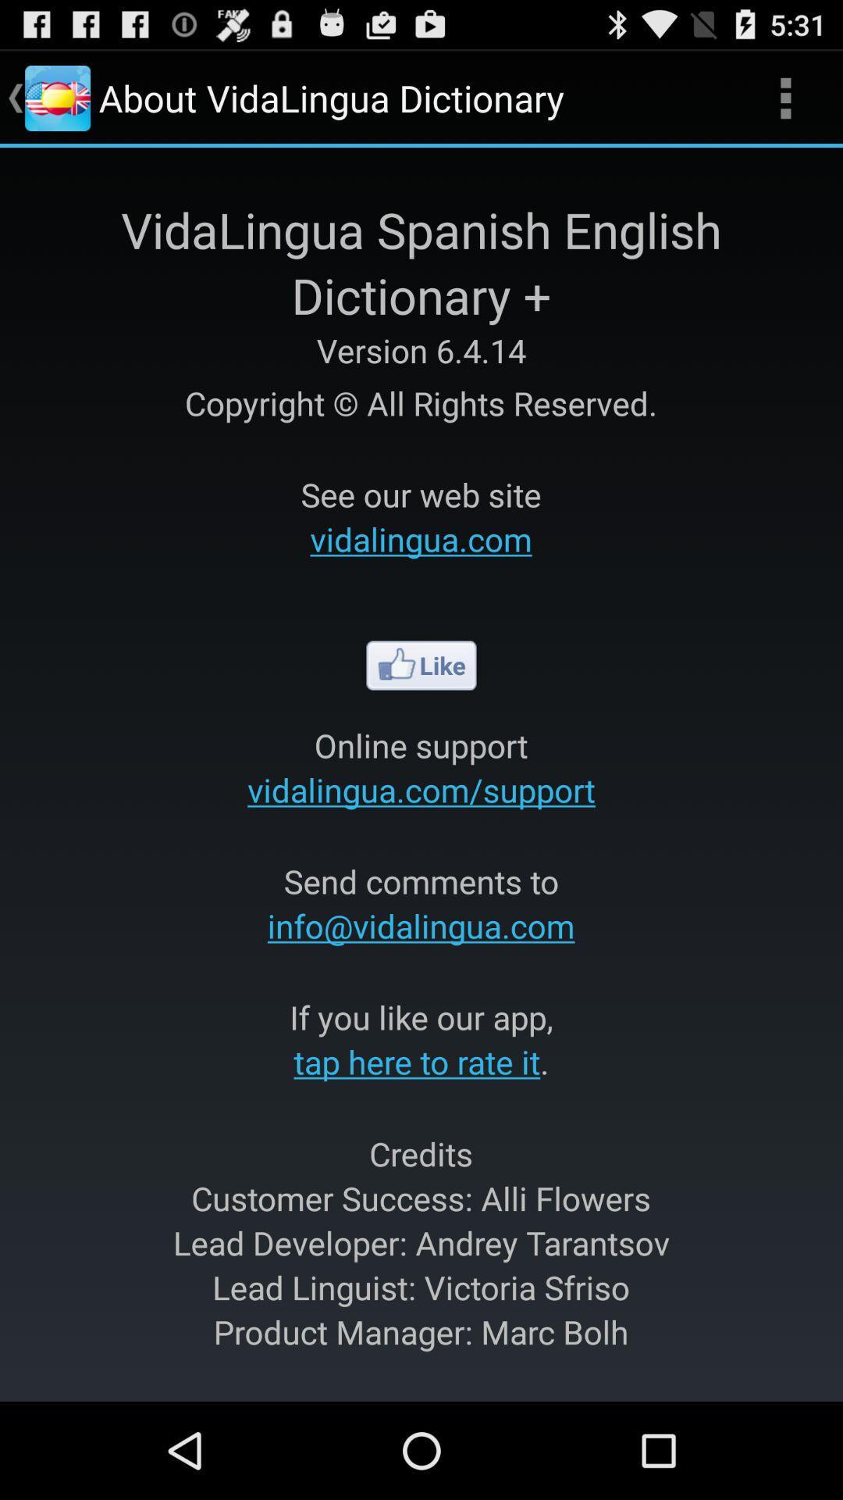 The width and height of the screenshot is (843, 1500). I want to click on icon next to about vidalingua dictionary, so click(785, 97).